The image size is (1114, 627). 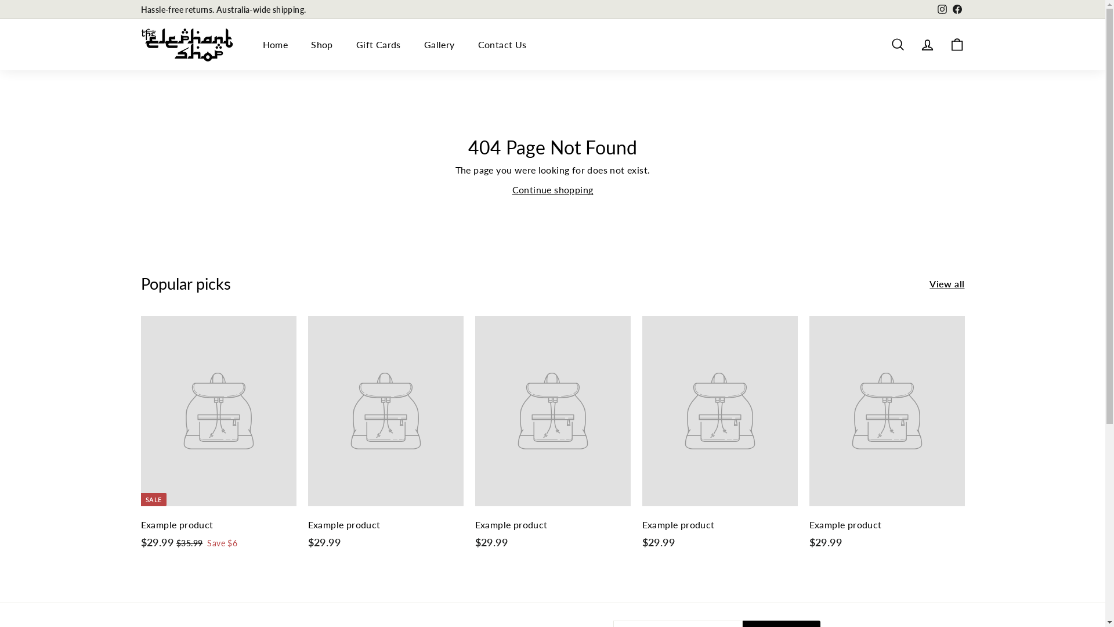 What do you see at coordinates (552, 189) in the screenshot?
I see `'Continue shopping'` at bounding box center [552, 189].